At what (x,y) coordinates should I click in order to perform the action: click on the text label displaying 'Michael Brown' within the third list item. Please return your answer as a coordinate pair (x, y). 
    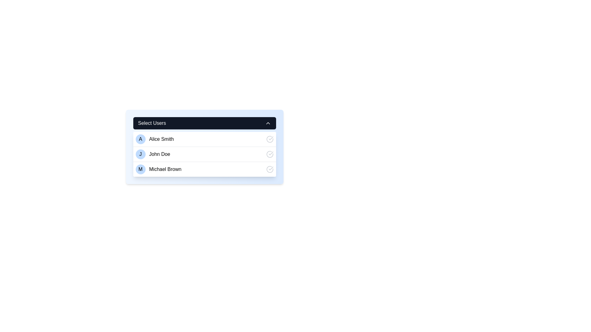
    Looking at the image, I should click on (165, 169).